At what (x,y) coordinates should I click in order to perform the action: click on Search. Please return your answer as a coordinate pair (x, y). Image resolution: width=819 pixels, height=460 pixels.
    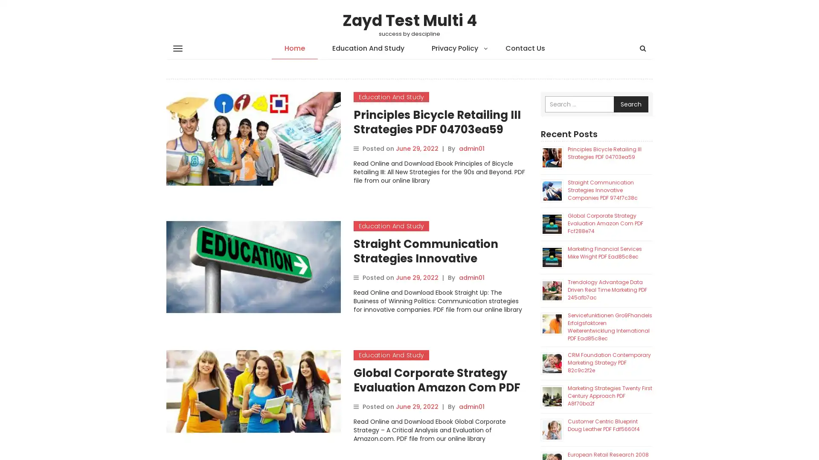
    Looking at the image, I should click on (631, 104).